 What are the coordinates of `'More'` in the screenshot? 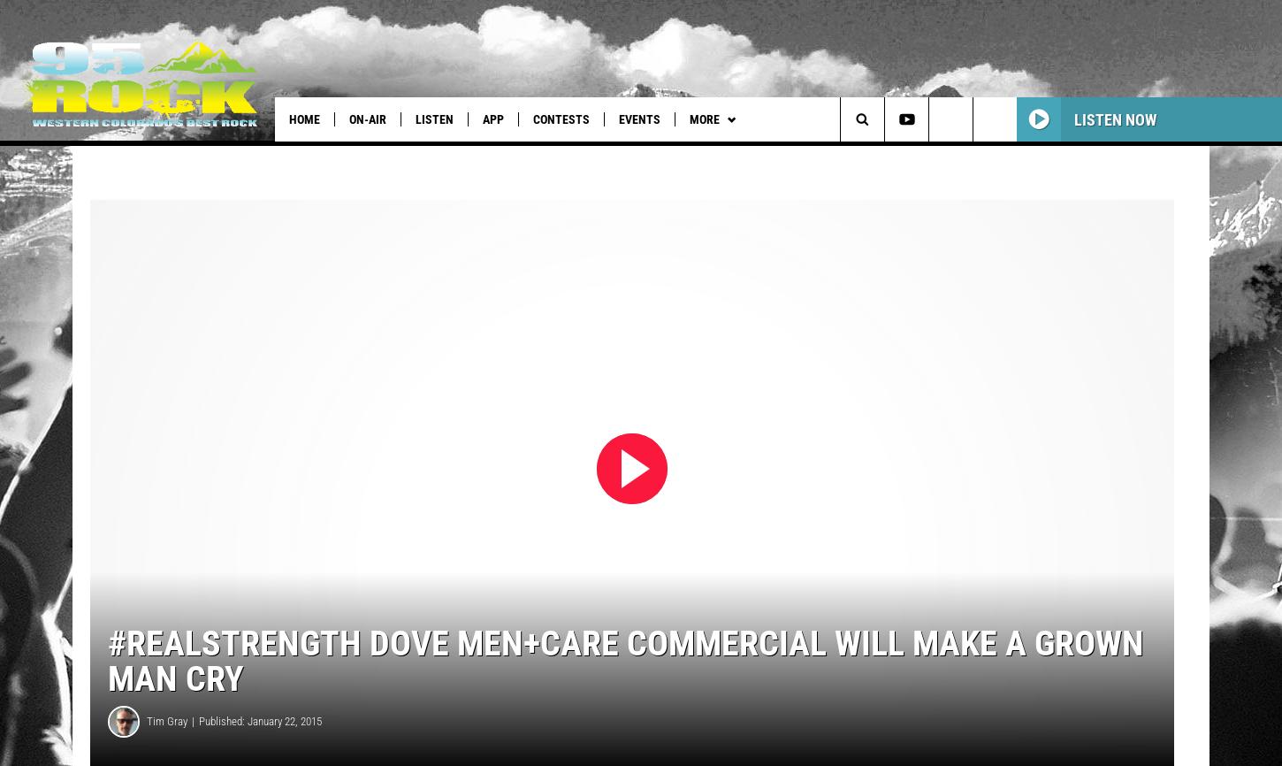 It's located at (689, 119).